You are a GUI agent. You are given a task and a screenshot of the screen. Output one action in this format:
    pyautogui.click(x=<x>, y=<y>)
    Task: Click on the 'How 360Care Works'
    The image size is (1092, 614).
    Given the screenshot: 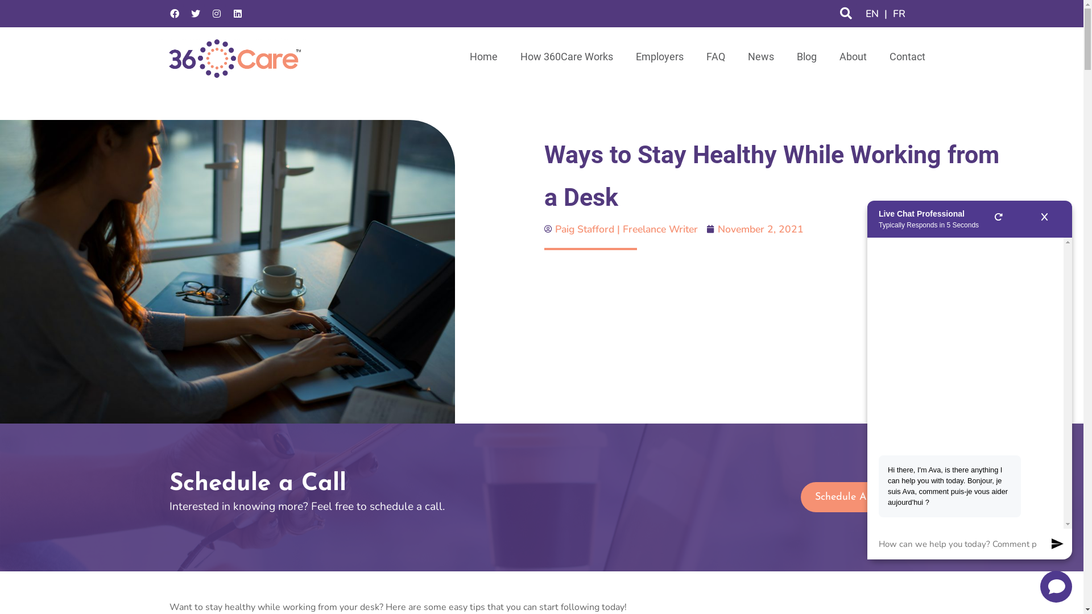 What is the action you would take?
    pyautogui.click(x=566, y=57)
    